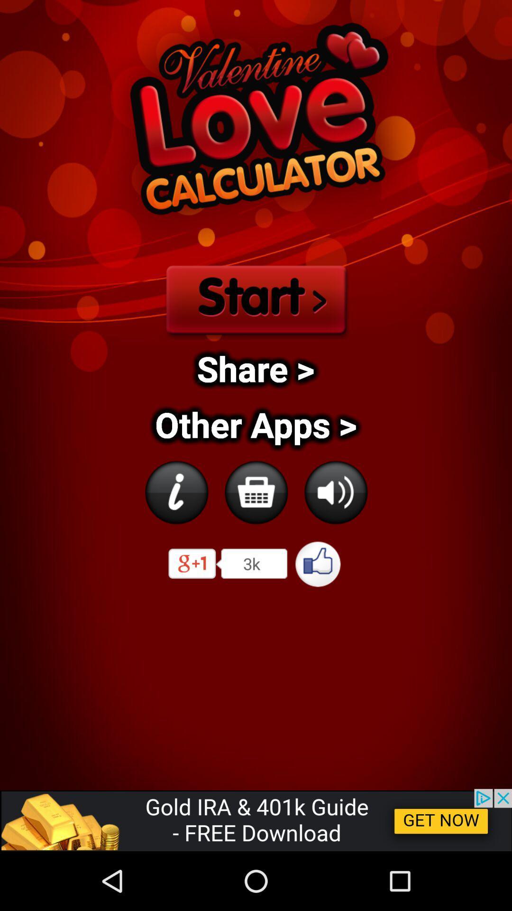  Describe the element at coordinates (176, 492) in the screenshot. I see `more information` at that location.